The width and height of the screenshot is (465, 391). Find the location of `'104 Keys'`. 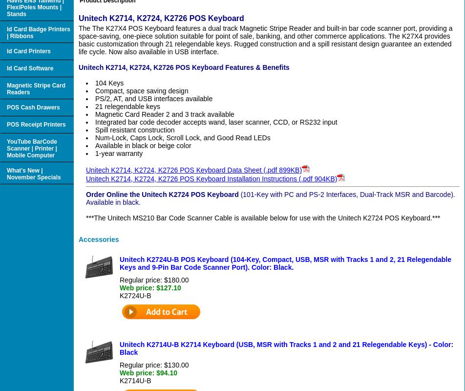

'104 Keys' is located at coordinates (109, 82).